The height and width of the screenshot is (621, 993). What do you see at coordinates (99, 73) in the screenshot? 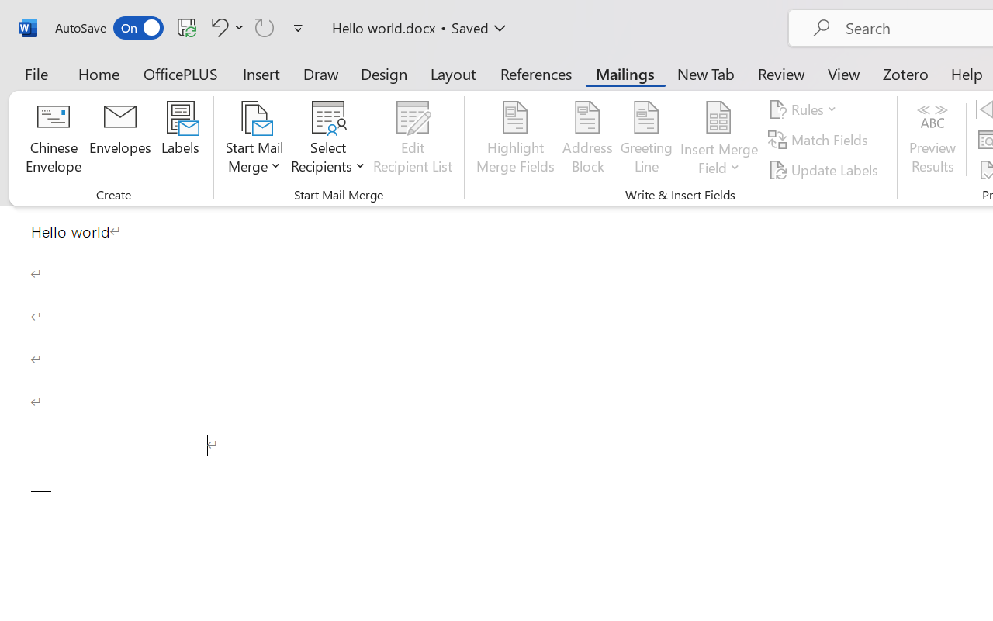
I see `'Home'` at bounding box center [99, 73].